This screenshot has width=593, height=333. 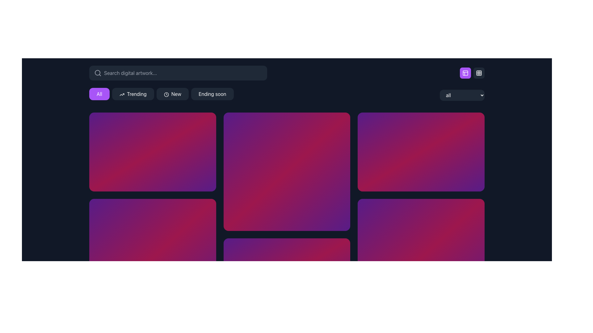 What do you see at coordinates (97, 72) in the screenshot?
I see `the outer circular part of the magnifying glass icon located to the left side of the search bar near the top of the interface` at bounding box center [97, 72].